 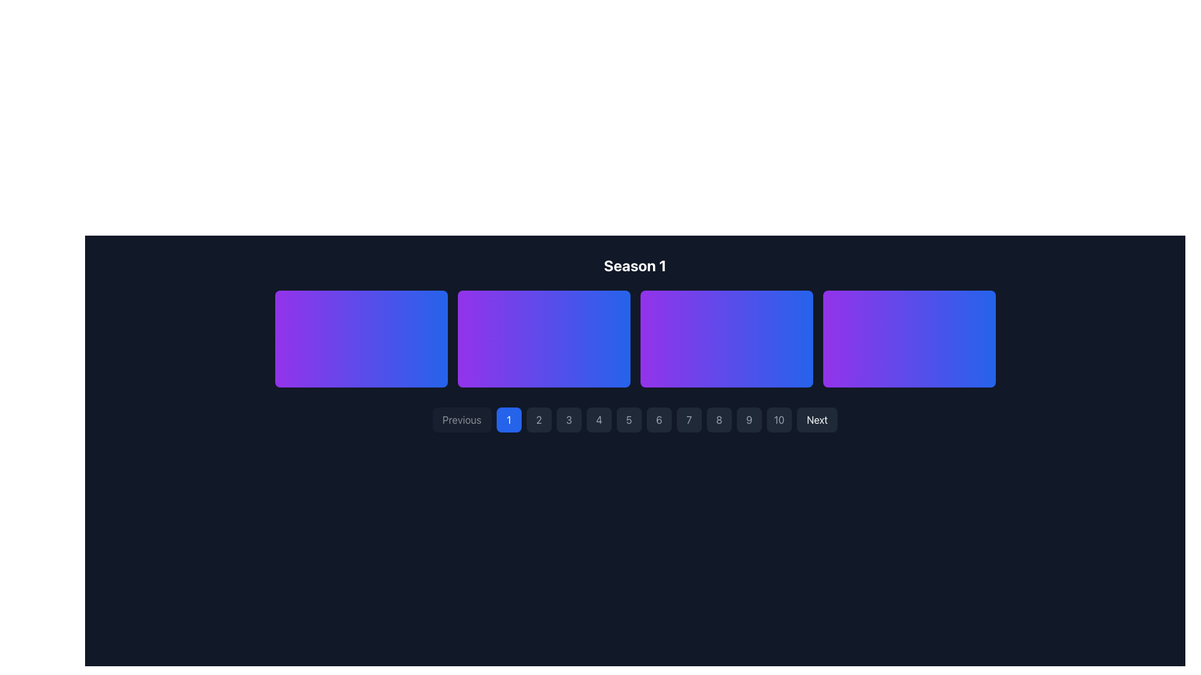 What do you see at coordinates (461, 420) in the screenshot?
I see `the disabled navigation button located to the left of the circular button labeled '1' in the bottom navigation bar` at bounding box center [461, 420].